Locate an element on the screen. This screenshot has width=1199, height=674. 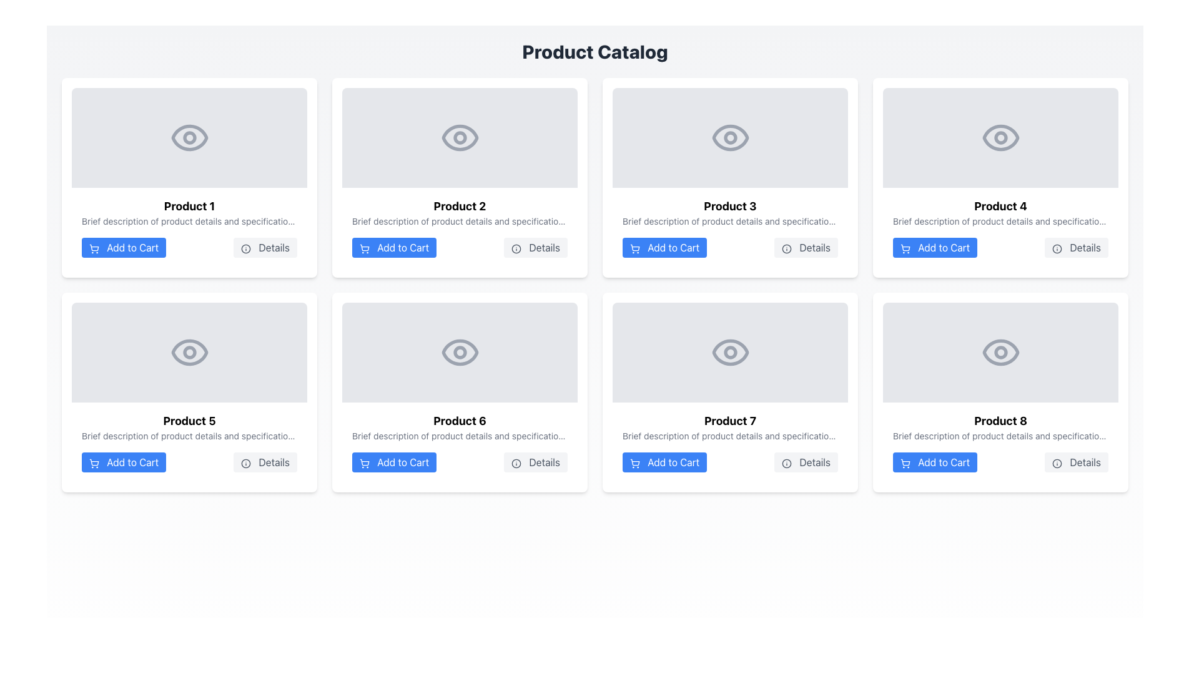
the 'Details' button located in the third product card titled 'Product 3', which contains an icon indicating more information about the product is located at coordinates (786, 248).